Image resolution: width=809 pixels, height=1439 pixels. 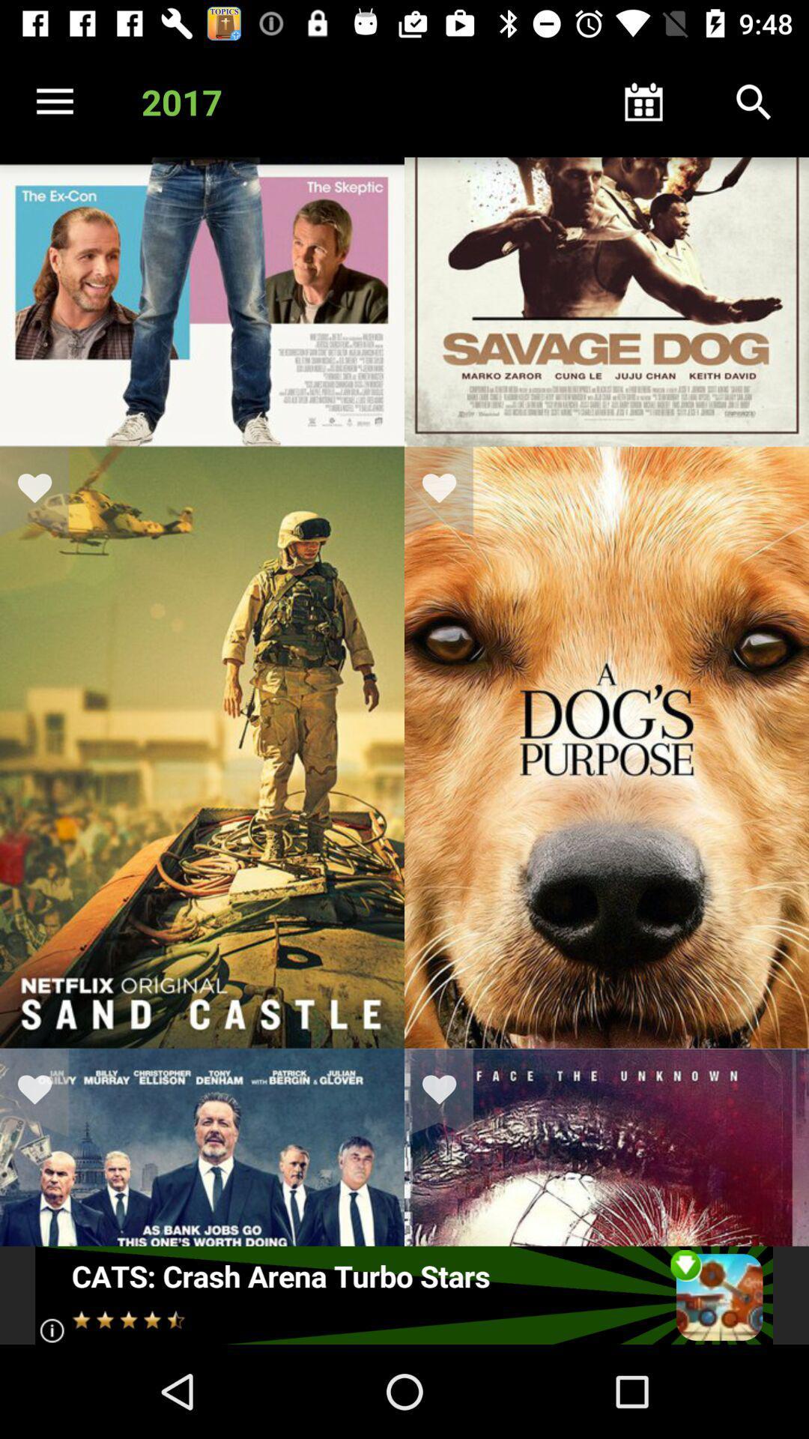 I want to click on favorite, so click(x=43, y=1093).